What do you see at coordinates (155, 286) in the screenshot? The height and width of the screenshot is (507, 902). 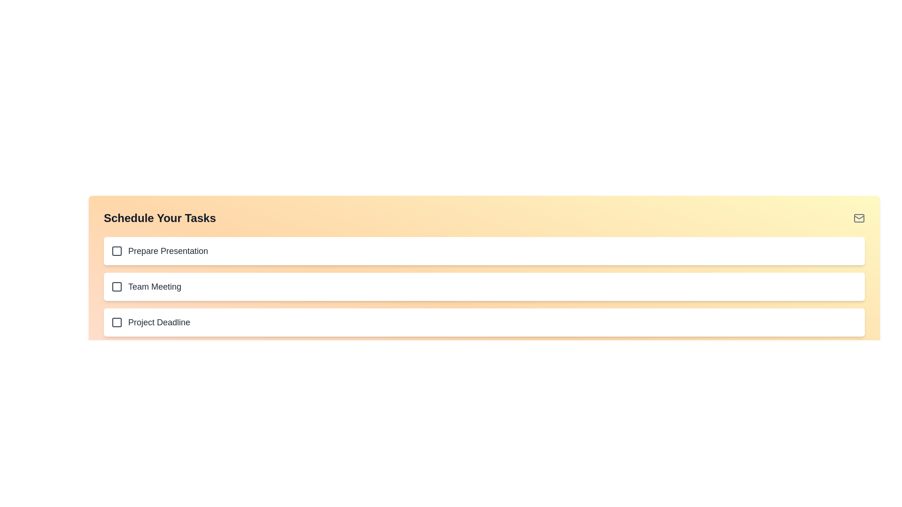 I see `the label for the task named 'Team Meeting', which is the second item in the list below the heading 'Schedule Your Tasks'` at bounding box center [155, 286].